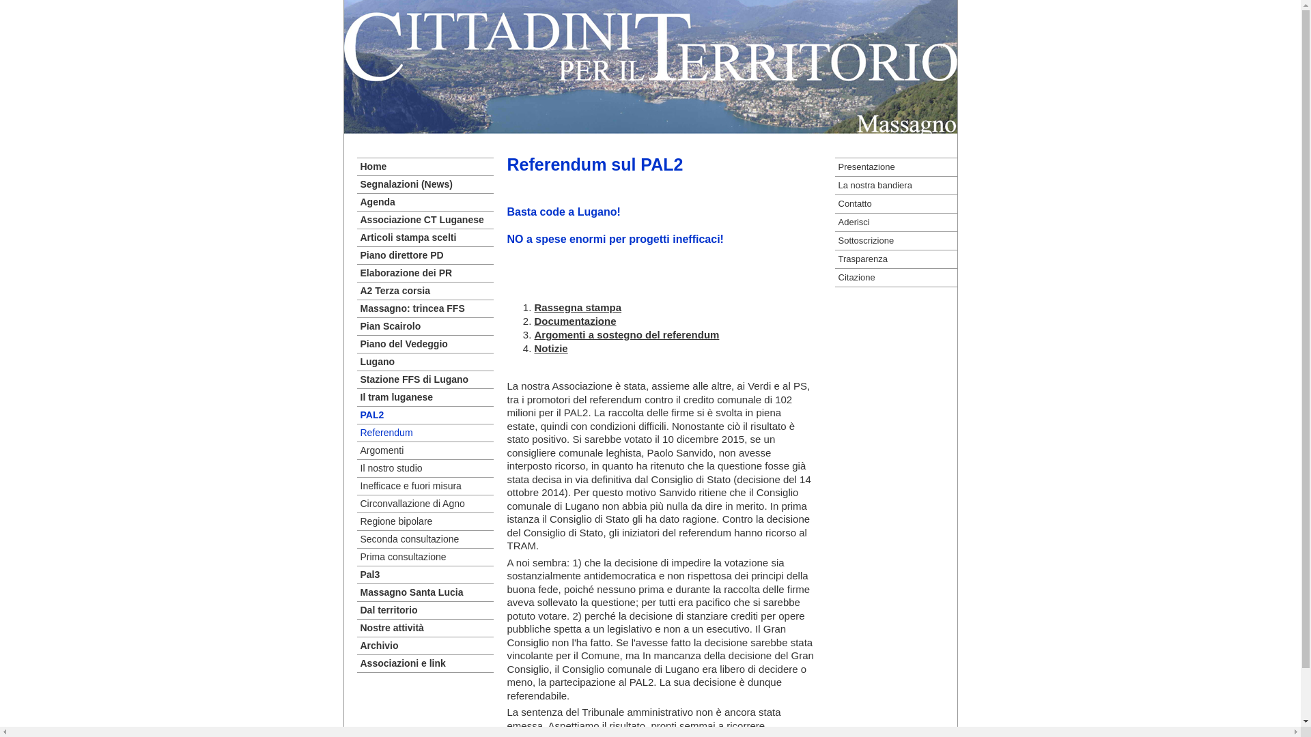  I want to click on 'Agenda', so click(424, 202).